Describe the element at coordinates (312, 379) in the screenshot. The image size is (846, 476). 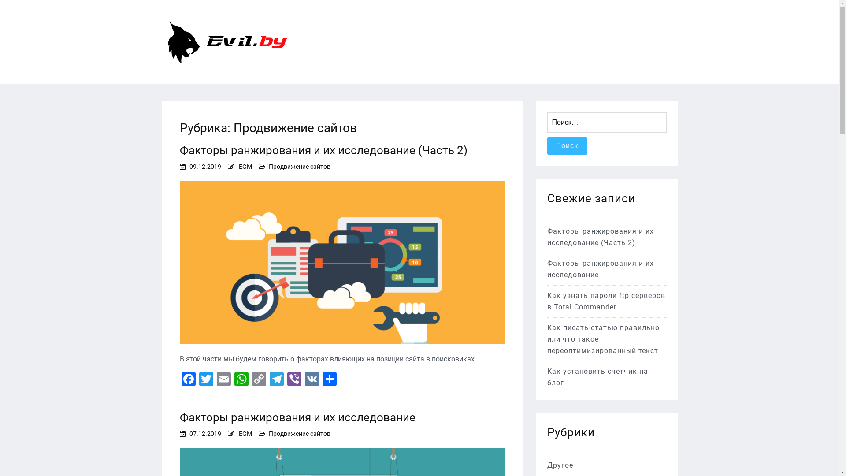
I see `'VK'` at that location.